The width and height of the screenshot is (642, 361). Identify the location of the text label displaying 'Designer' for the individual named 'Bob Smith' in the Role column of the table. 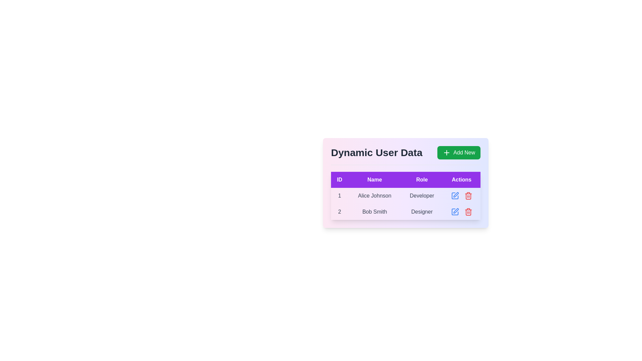
(422, 212).